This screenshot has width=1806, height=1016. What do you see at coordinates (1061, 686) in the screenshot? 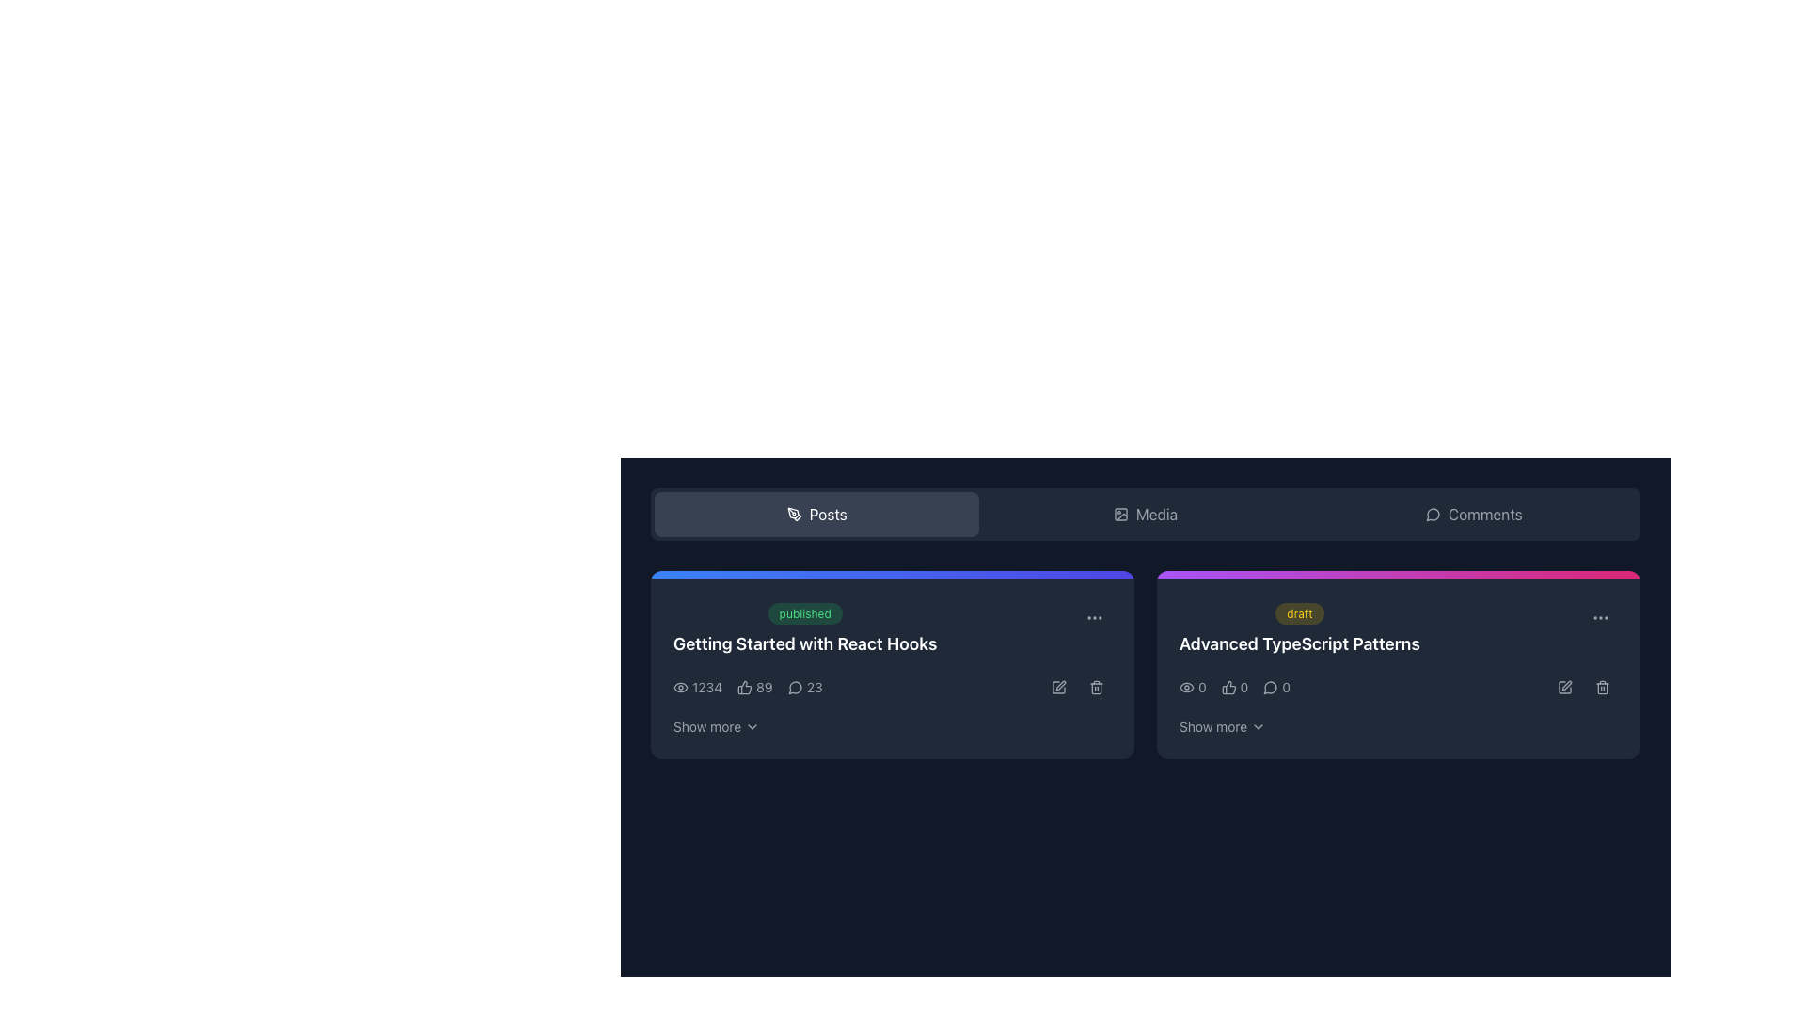
I see `the editing tool icon, which is a small pen icon located in the bottom-right section of the card titled 'Getting Started with React Hooks'` at bounding box center [1061, 686].